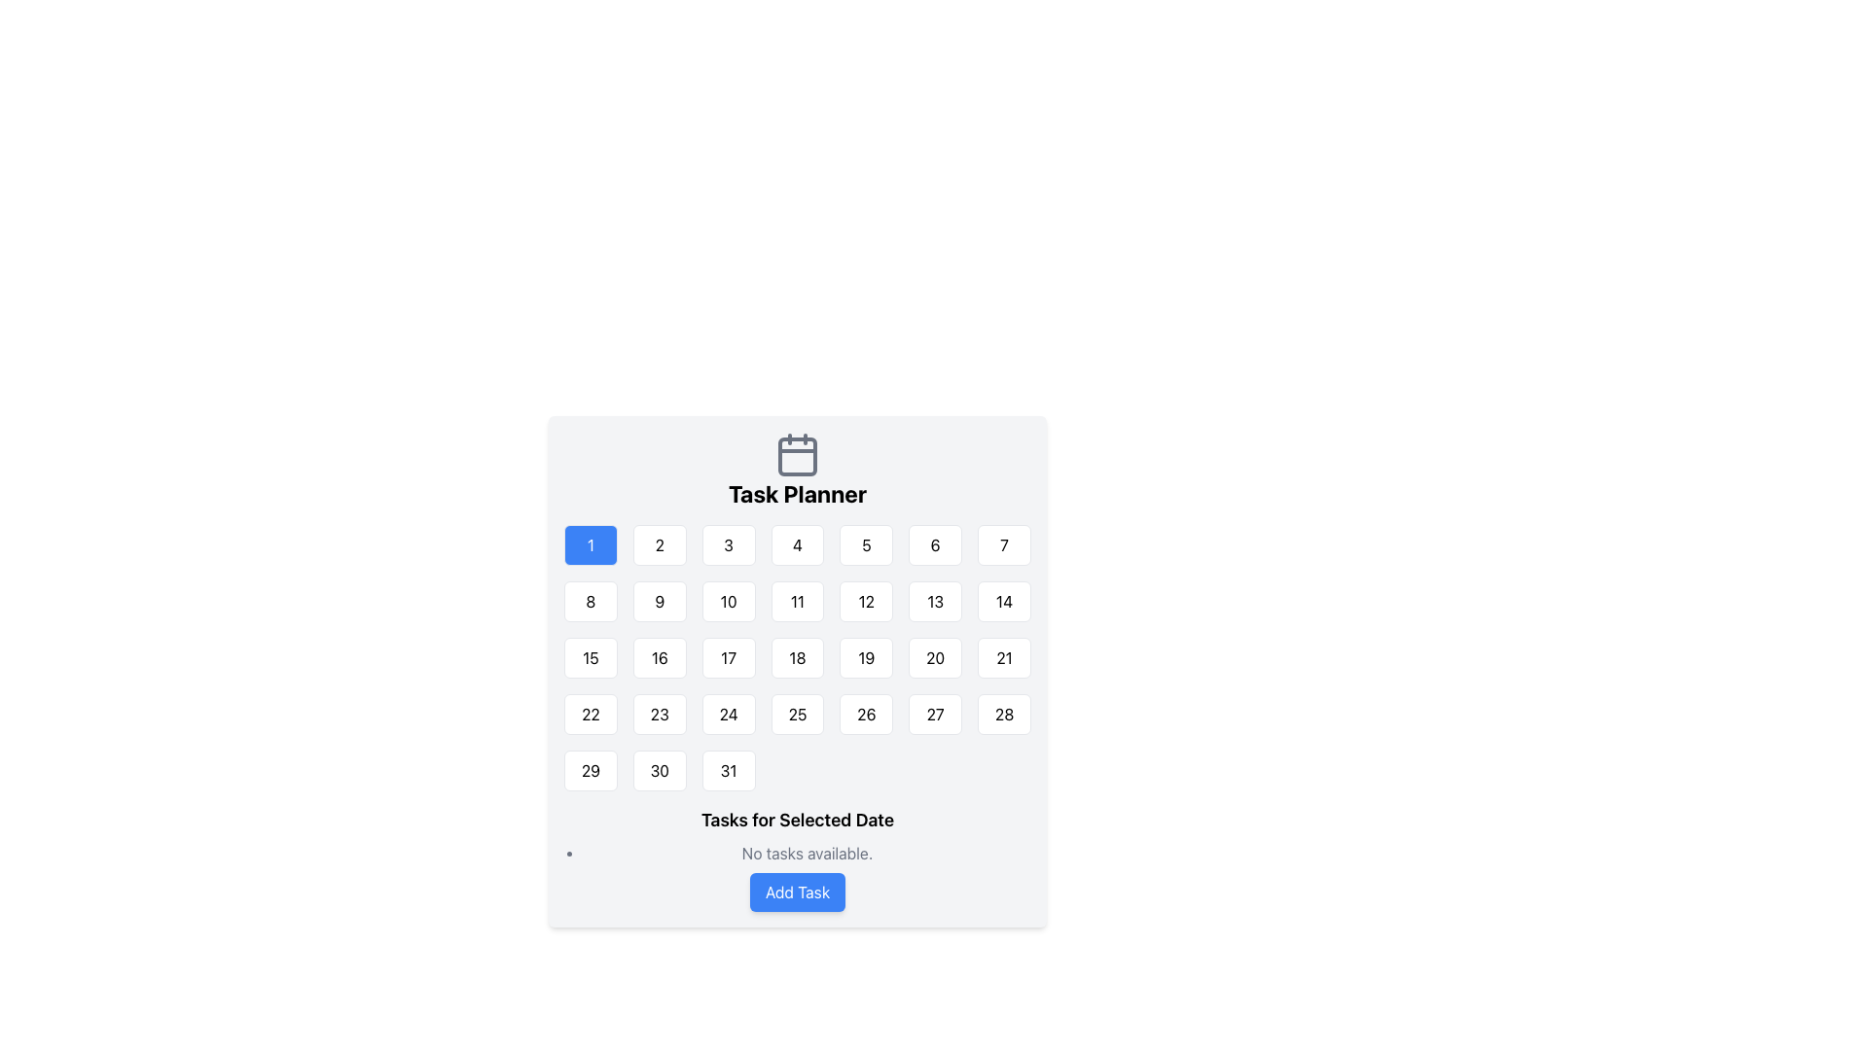 This screenshot has height=1050, width=1868. Describe the element at coordinates (728, 715) in the screenshot. I see `the button representing the 24th day in the calendar interface` at that location.